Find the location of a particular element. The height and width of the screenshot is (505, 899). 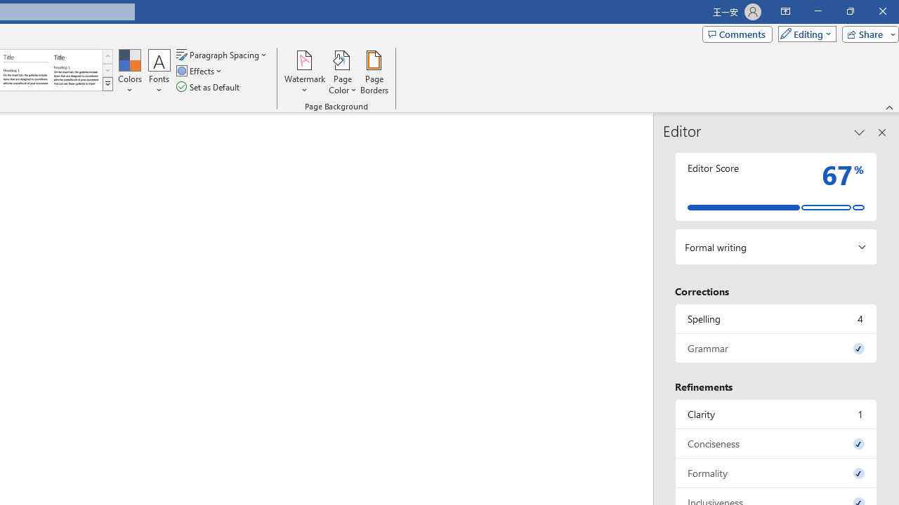

'Conciseness, 0 issues. Press space or enter to review items.' is located at coordinates (775, 443).